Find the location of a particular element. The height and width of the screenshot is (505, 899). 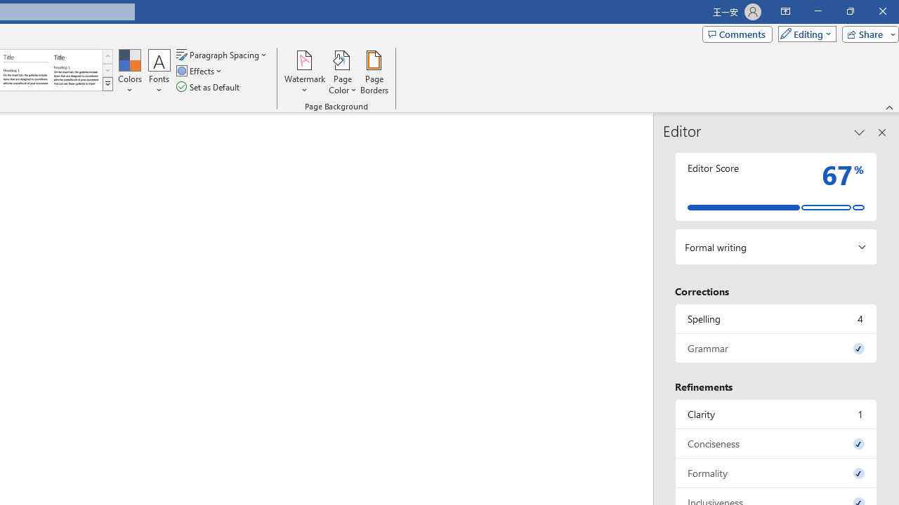

'Conciseness, 0 issues. Press space or enter to review items.' is located at coordinates (775, 443).